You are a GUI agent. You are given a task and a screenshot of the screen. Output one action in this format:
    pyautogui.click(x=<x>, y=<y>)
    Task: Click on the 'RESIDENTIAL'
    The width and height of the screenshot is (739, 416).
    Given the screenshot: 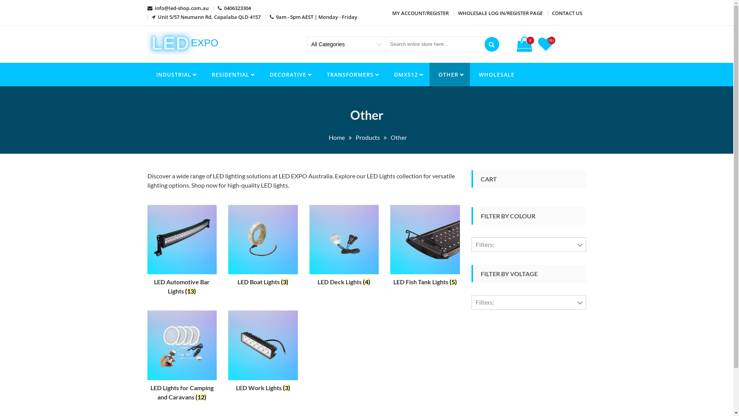 What is the action you would take?
    pyautogui.click(x=231, y=74)
    